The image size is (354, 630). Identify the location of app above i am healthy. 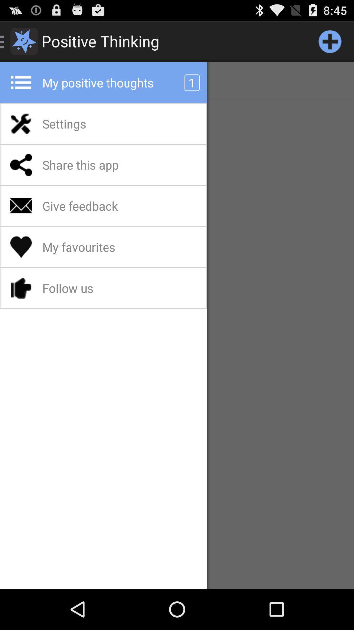
(330, 41).